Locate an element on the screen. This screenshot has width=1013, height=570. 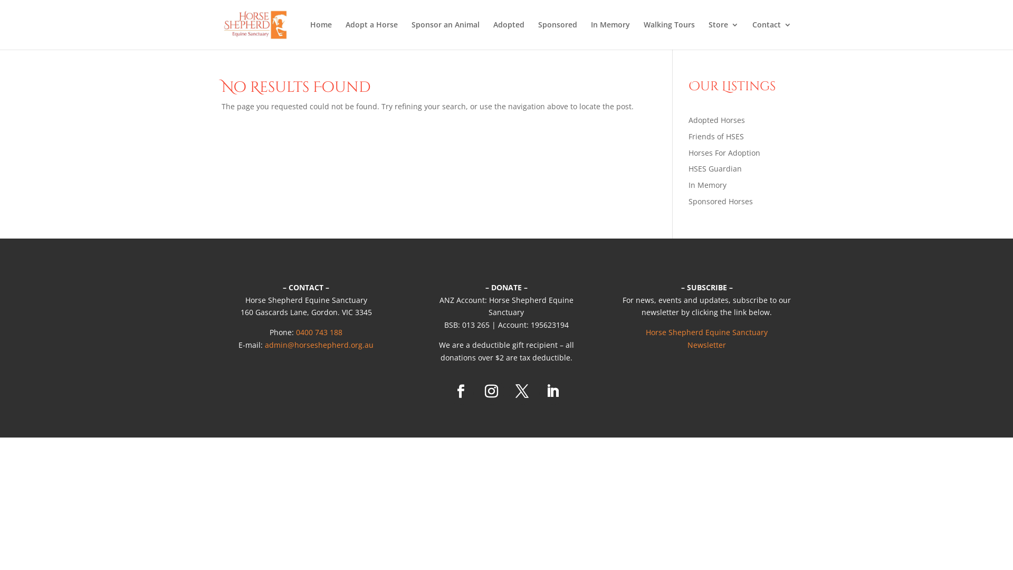
'Follow on X' is located at coordinates (521, 391).